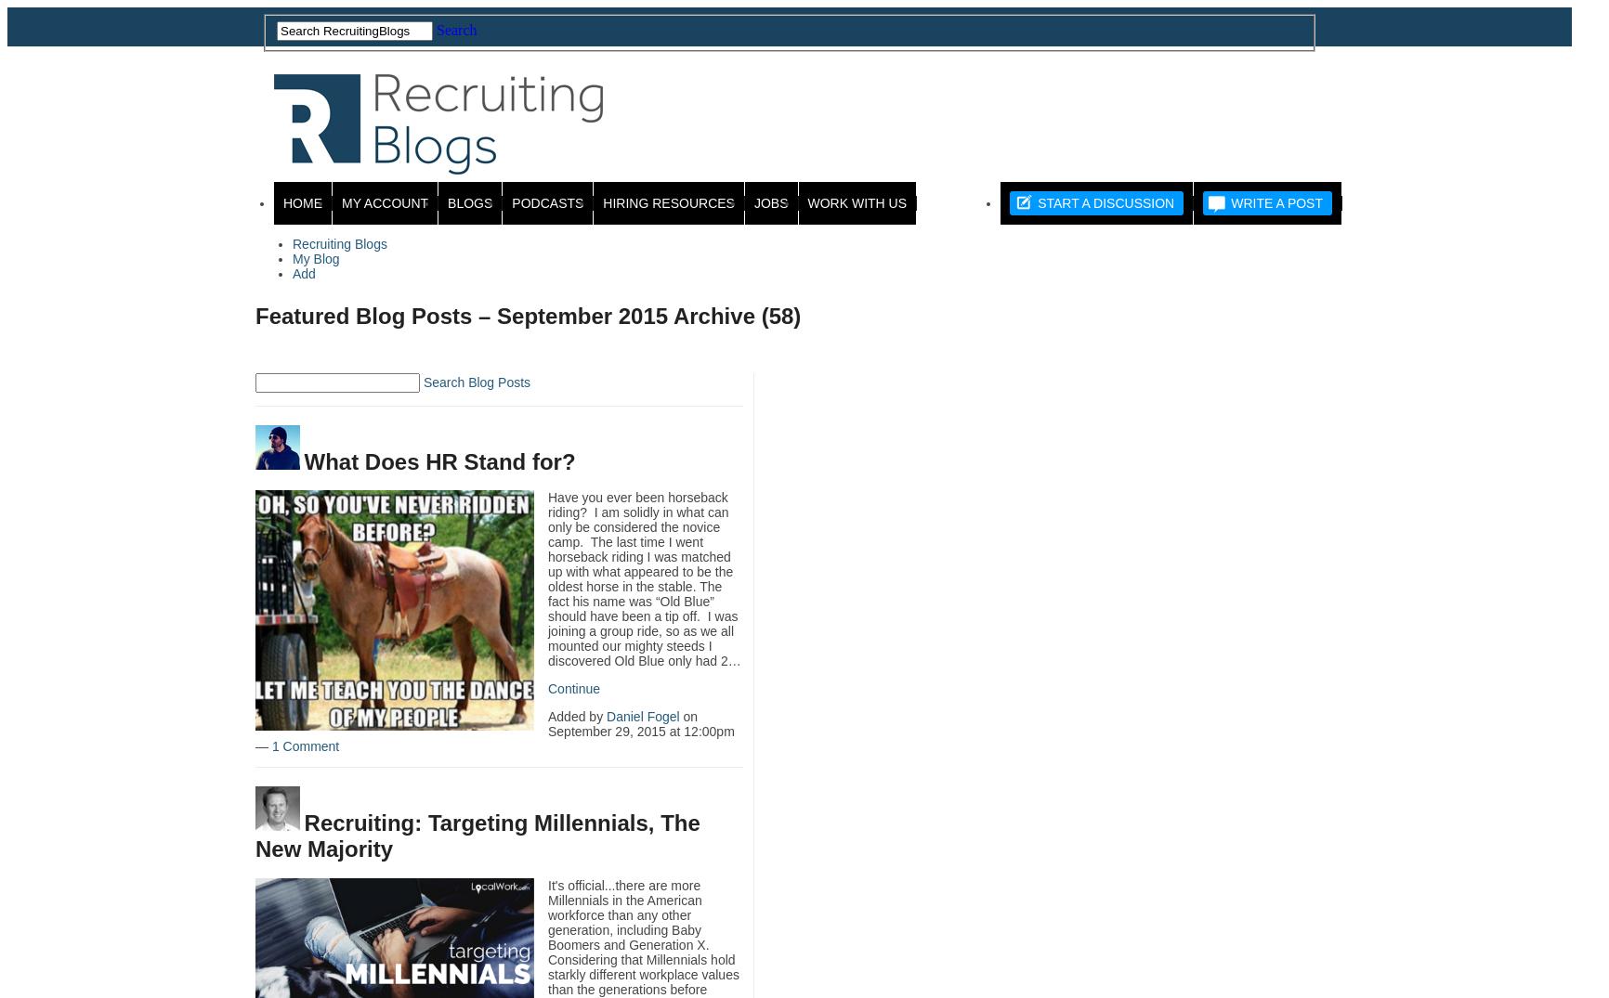 Image resolution: width=1609 pixels, height=998 pixels. I want to click on 'Search Blog Posts', so click(422, 382).